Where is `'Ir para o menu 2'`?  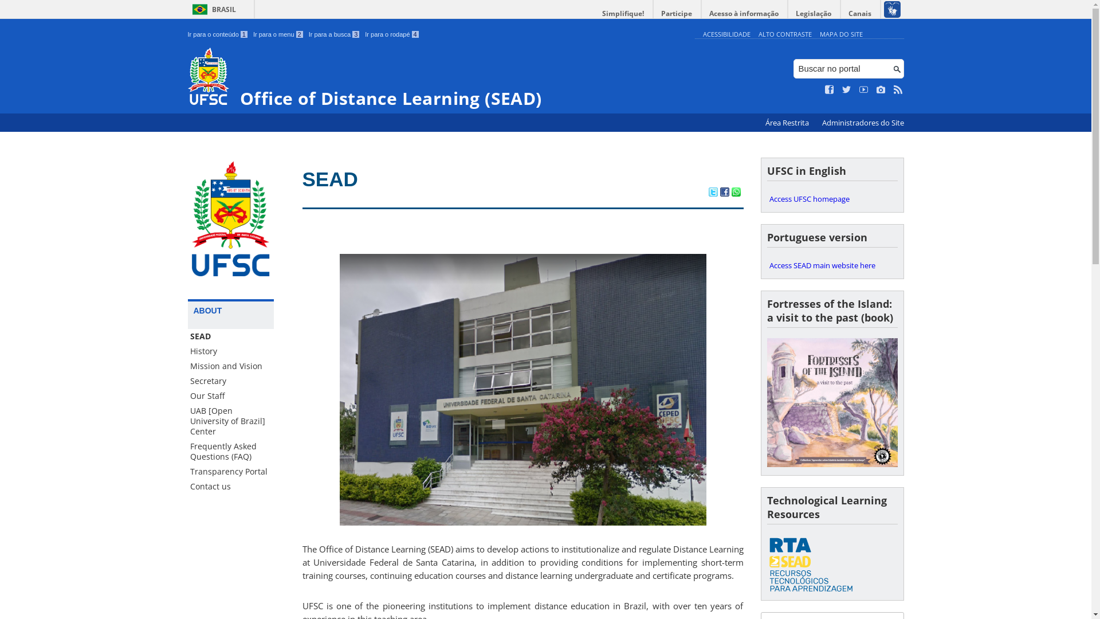
'Ir para o menu 2' is located at coordinates (252, 34).